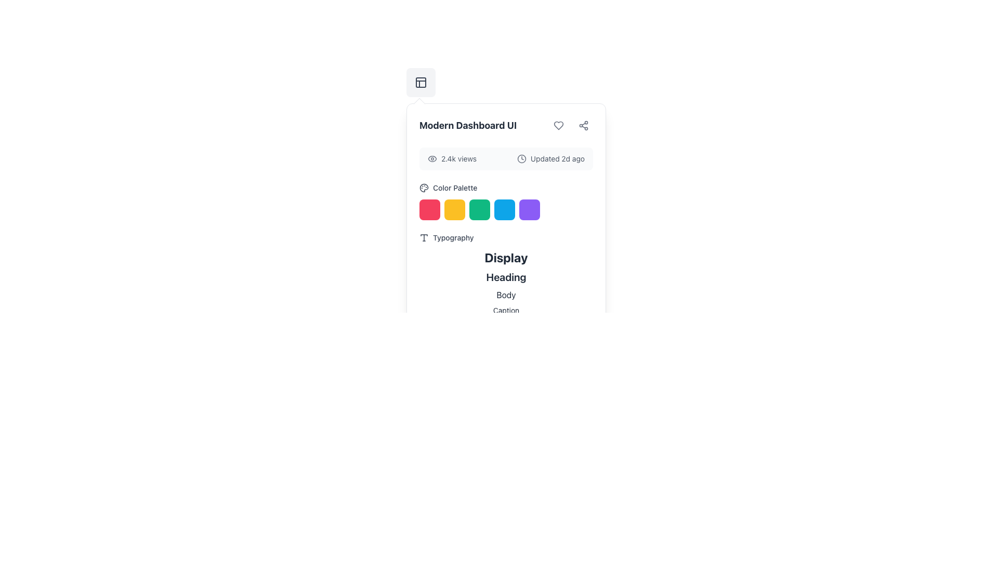  I want to click on the timestamp text label located to the right of the clock icon within the upper part of the dashboard card, so click(557, 158).